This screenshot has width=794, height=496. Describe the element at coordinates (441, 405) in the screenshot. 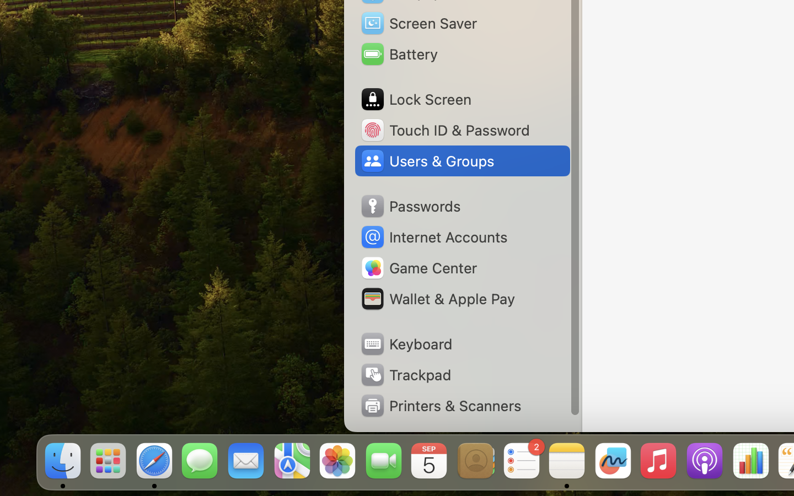

I see `'Printers & Scanners'` at that location.